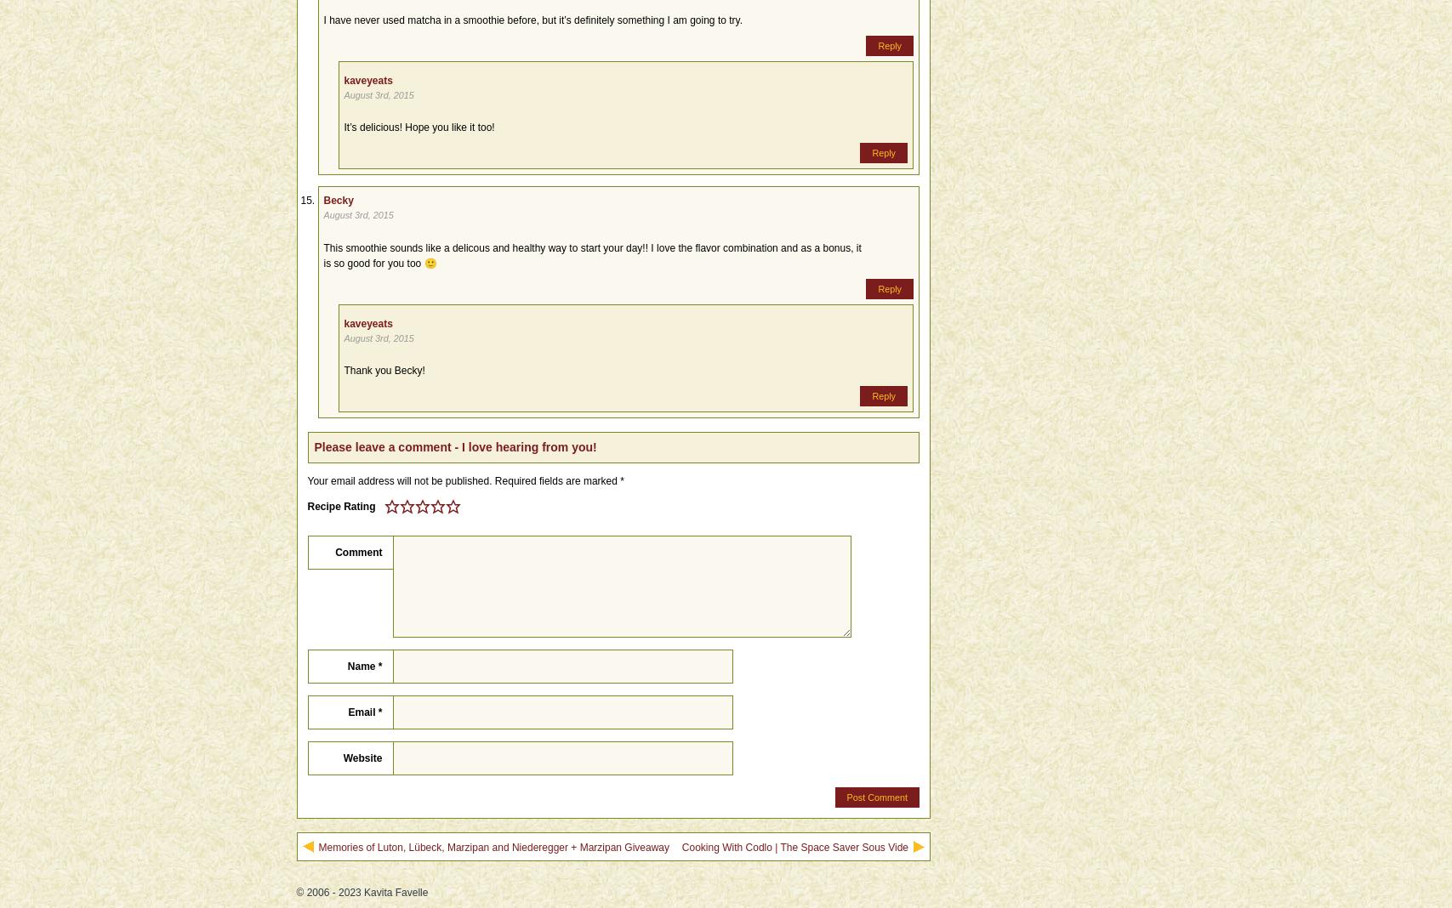 This screenshot has width=1452, height=908. Describe the element at coordinates (399, 479) in the screenshot. I see `'Your email address will not be published.'` at that location.